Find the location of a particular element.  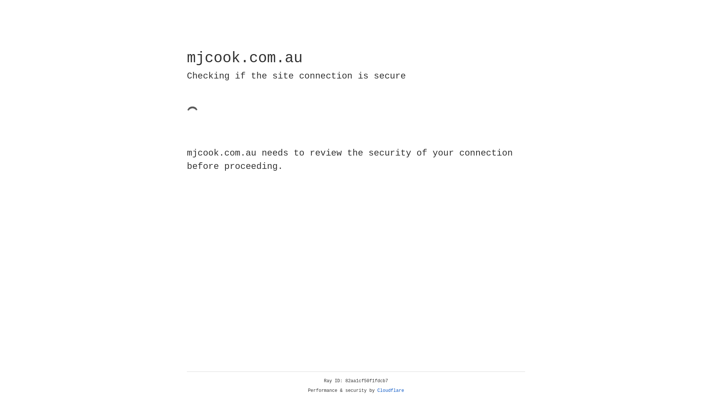

'Cloudflare' is located at coordinates (390, 390).